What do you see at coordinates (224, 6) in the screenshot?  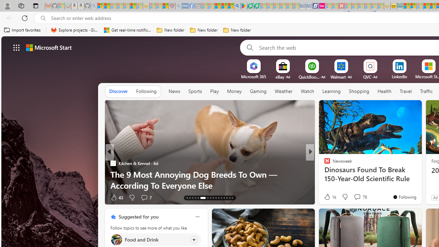 I see `'Pets - MSN'` at bounding box center [224, 6].